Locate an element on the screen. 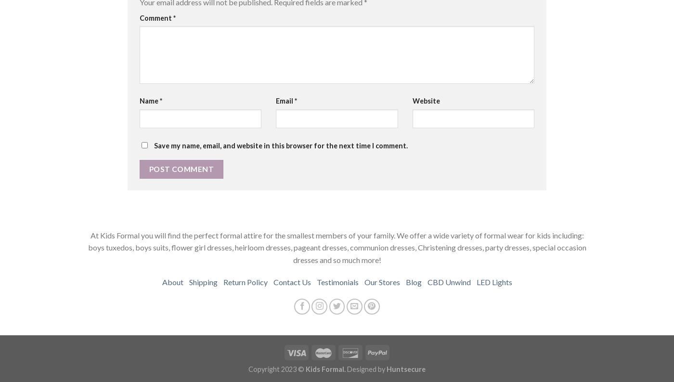  'Comment' is located at coordinates (156, 17).